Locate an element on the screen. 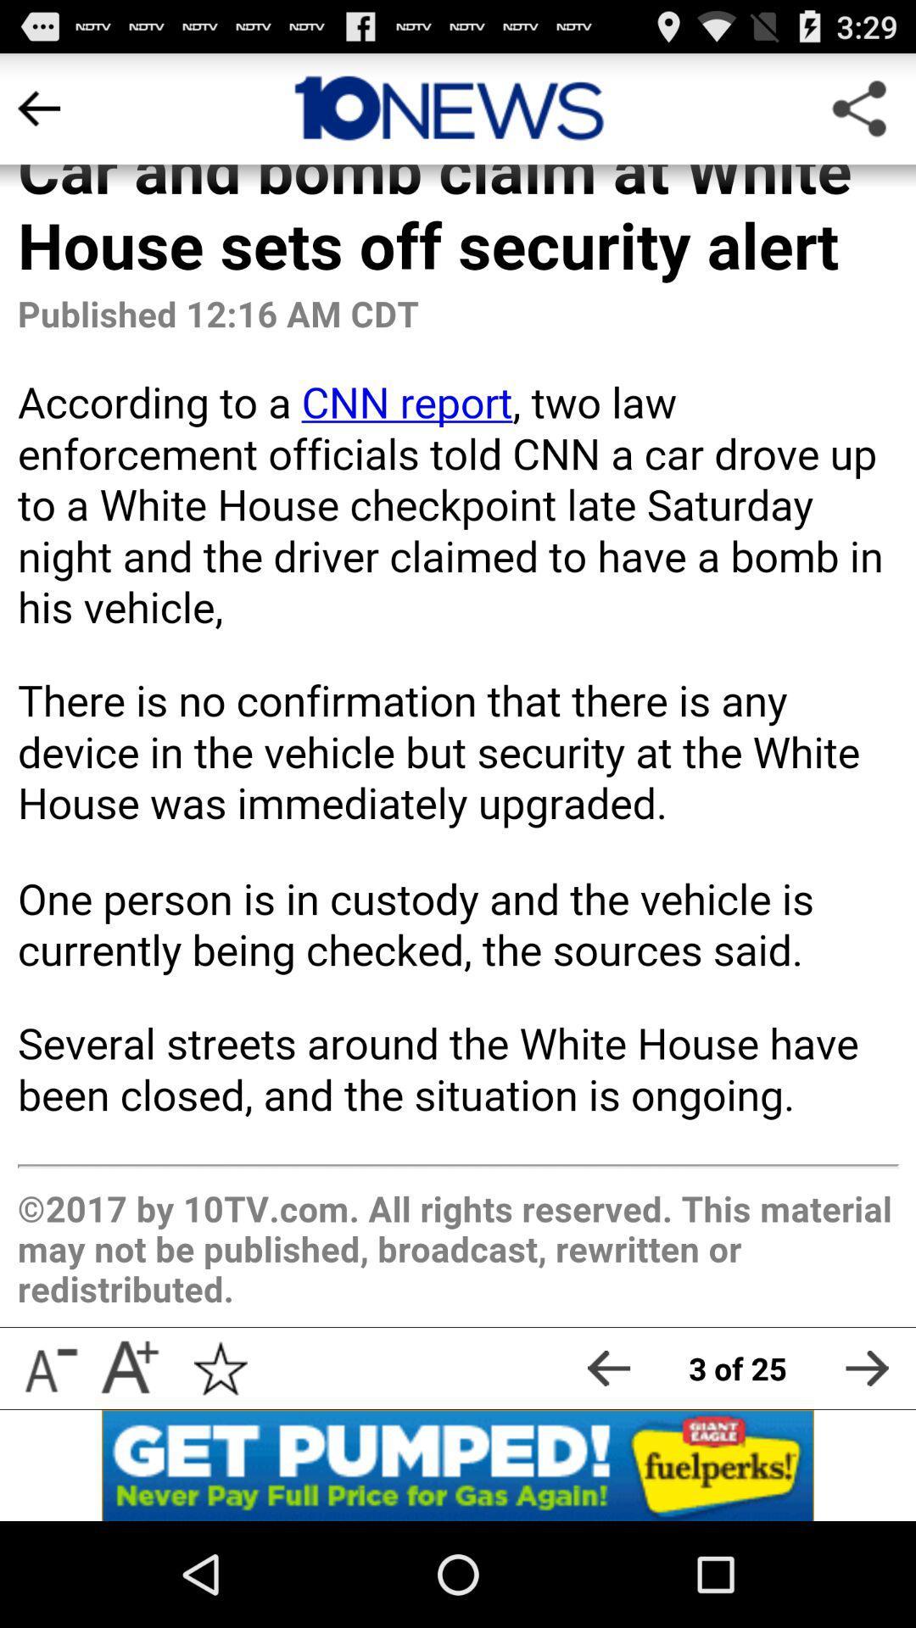 The height and width of the screenshot is (1628, 916). the font icon is located at coordinates (47, 1464).